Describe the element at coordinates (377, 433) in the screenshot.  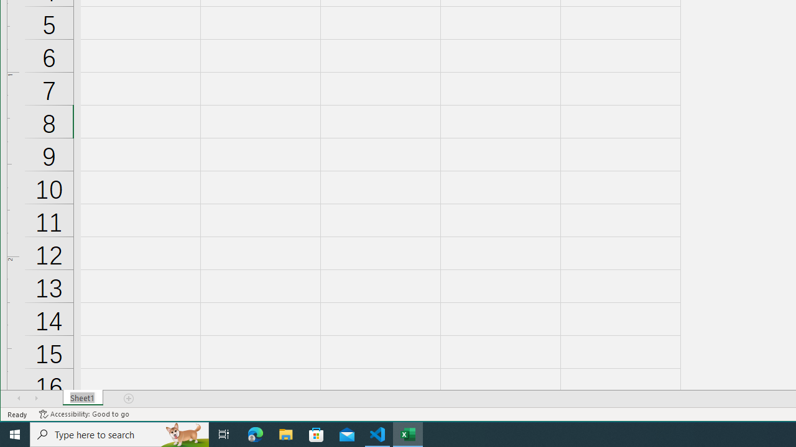
I see `'Visual Studio Code - 1 running window'` at that location.